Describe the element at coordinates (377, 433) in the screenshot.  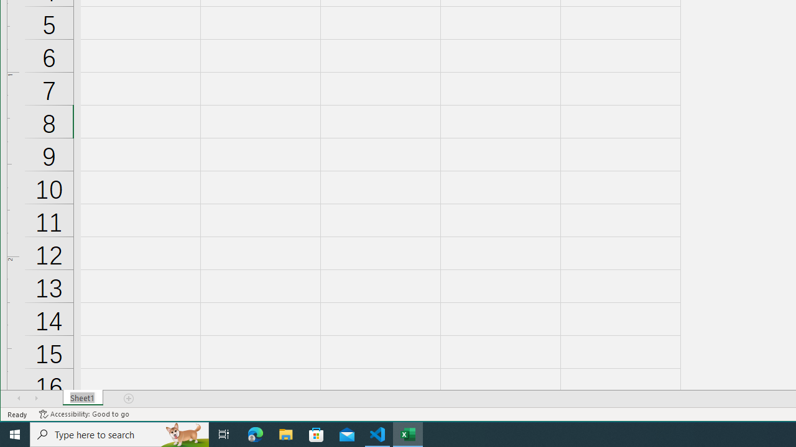
I see `'Visual Studio Code - 1 running window'` at that location.